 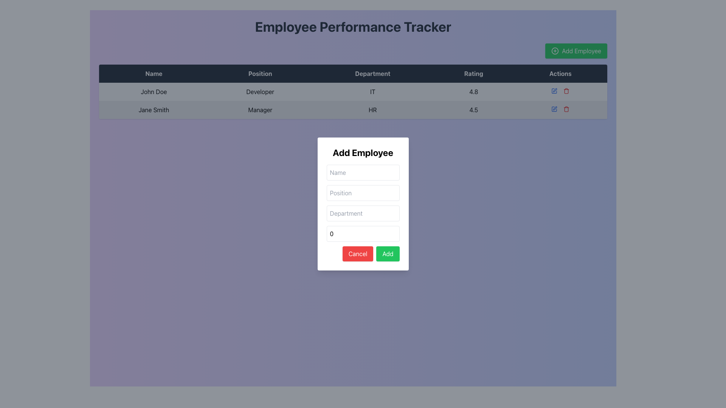 I want to click on the delete button, which is the second interactive icon in the 'Actions' column of the table for the row associated with 'Jane Smith', so click(x=566, y=109).